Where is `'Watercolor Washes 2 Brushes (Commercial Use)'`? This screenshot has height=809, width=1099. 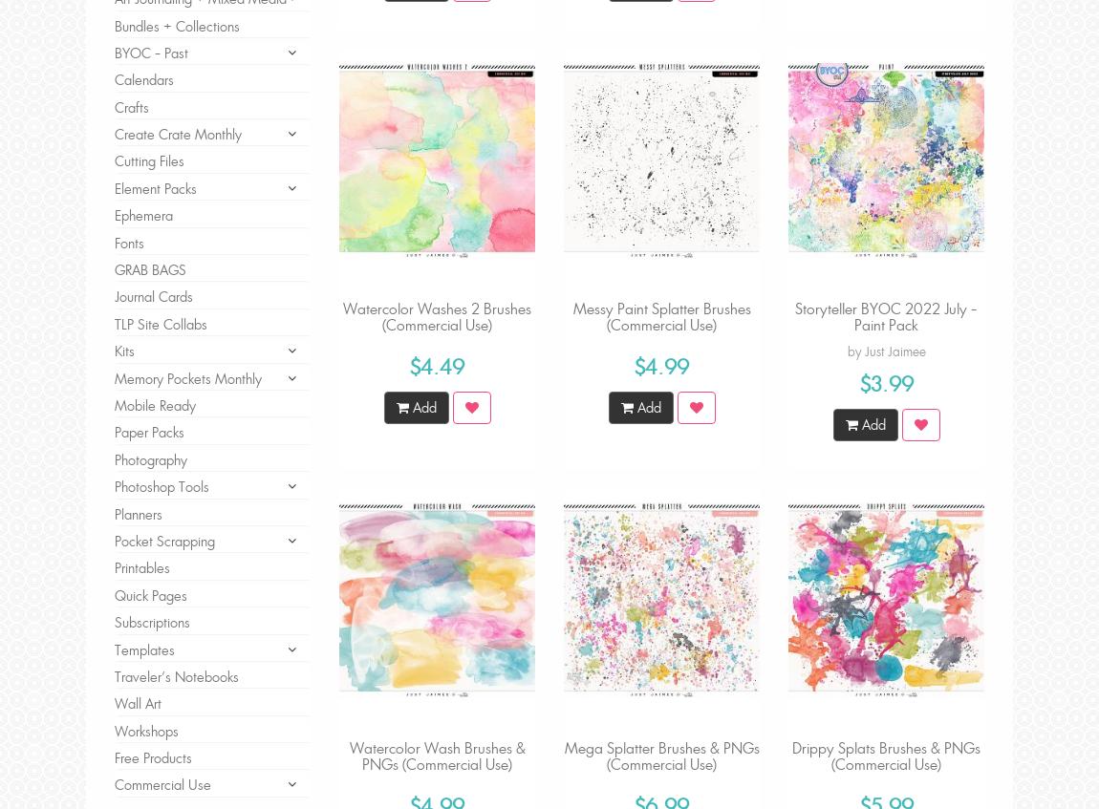 'Watercolor Washes 2 Brushes (Commercial Use)' is located at coordinates (437, 316).